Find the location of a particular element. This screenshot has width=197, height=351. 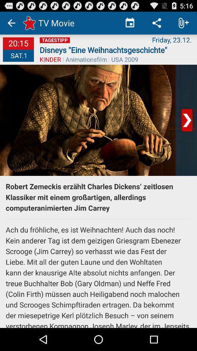

the star mark right to left arrow icon is located at coordinates (28, 23).